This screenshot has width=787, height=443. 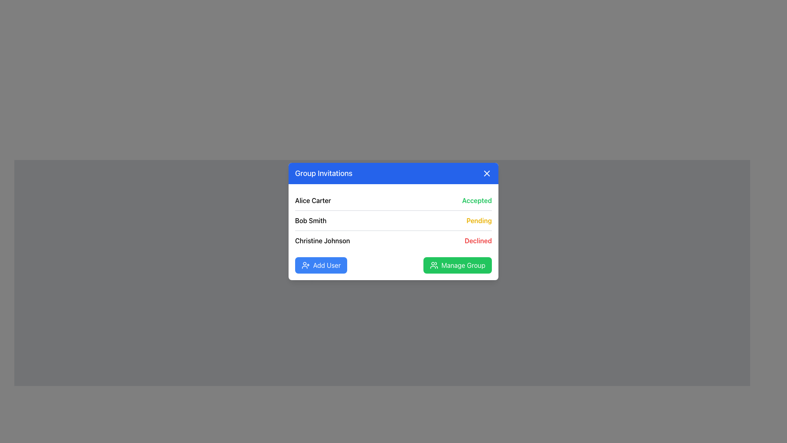 I want to click on the red-colored text label displaying 'Declined', positioned at the bottom of the list in the 'Group Invitations' modal and aligned to the right of 'Christine Johnson', so click(x=478, y=240).